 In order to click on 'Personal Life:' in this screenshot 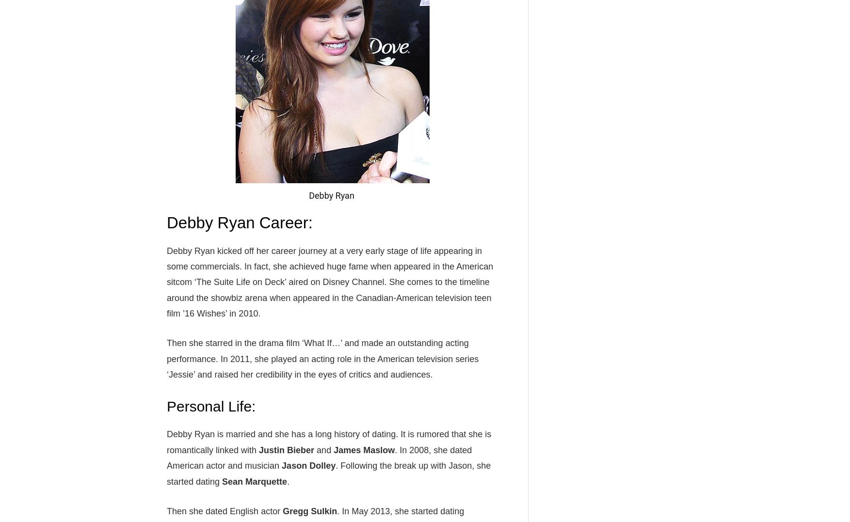, I will do `click(210, 406)`.